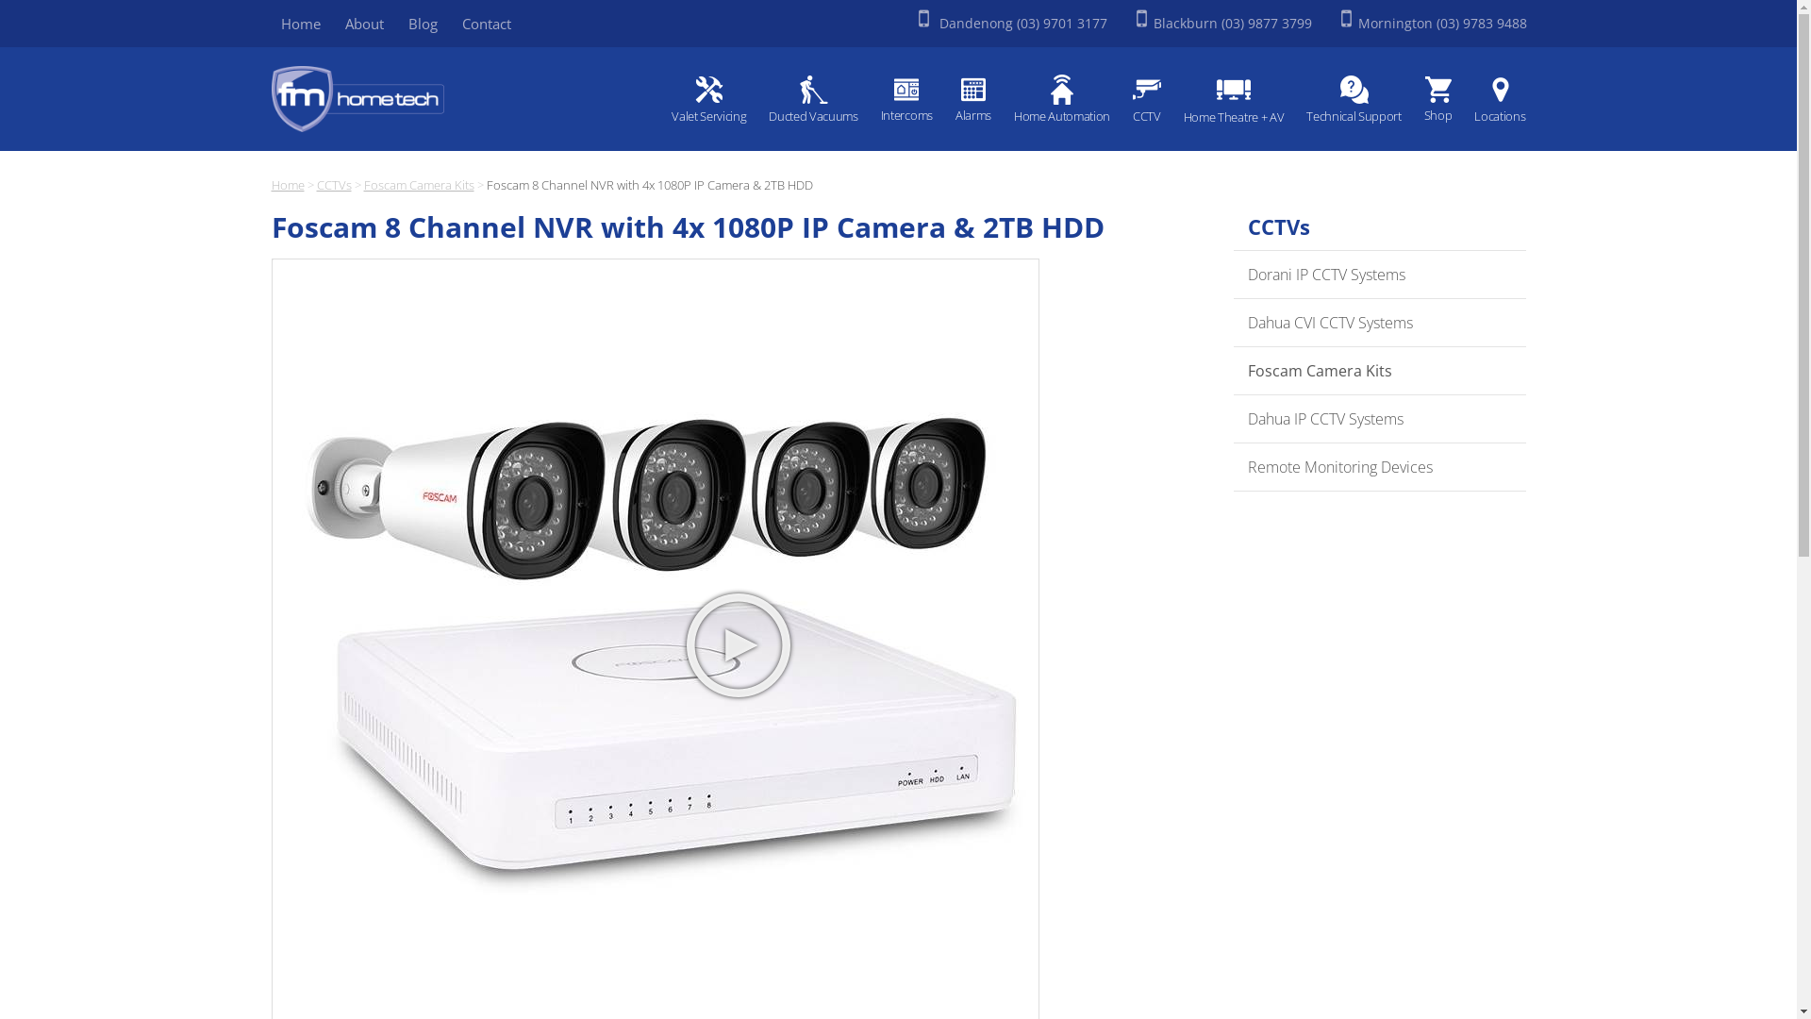 The image size is (1811, 1019). Describe the element at coordinates (1234, 101) in the screenshot. I see `'Home Theatre + AV'` at that location.